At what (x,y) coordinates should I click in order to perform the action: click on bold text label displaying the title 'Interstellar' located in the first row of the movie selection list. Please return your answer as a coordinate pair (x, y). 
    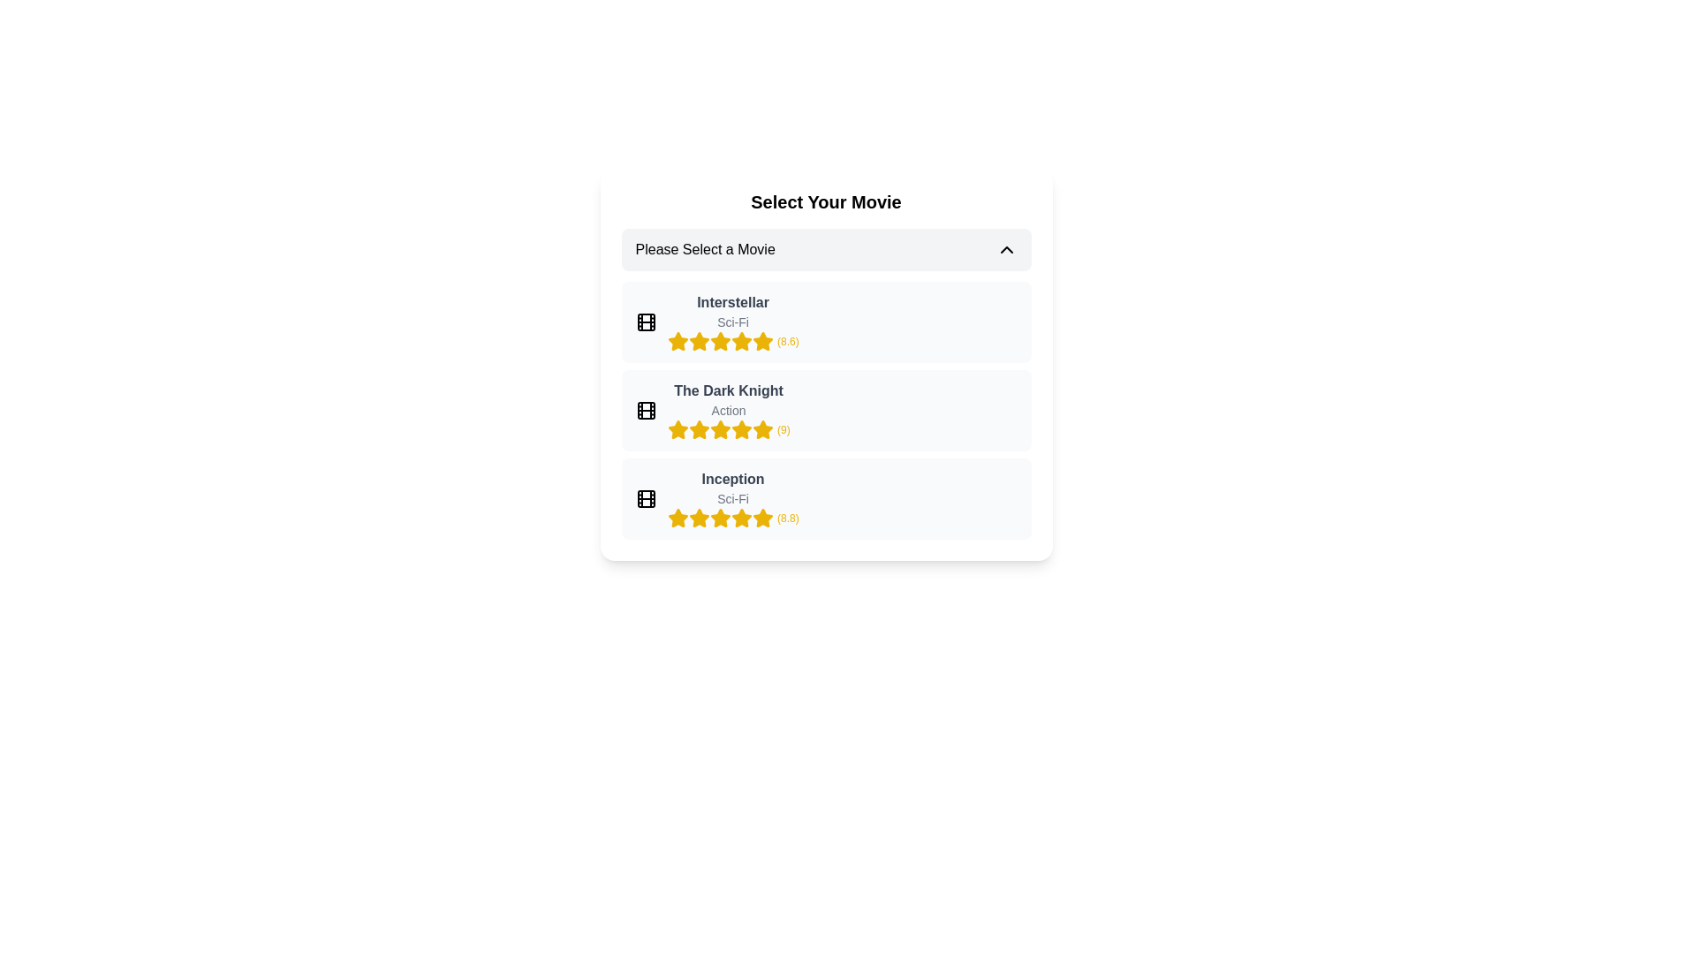
    Looking at the image, I should click on (733, 302).